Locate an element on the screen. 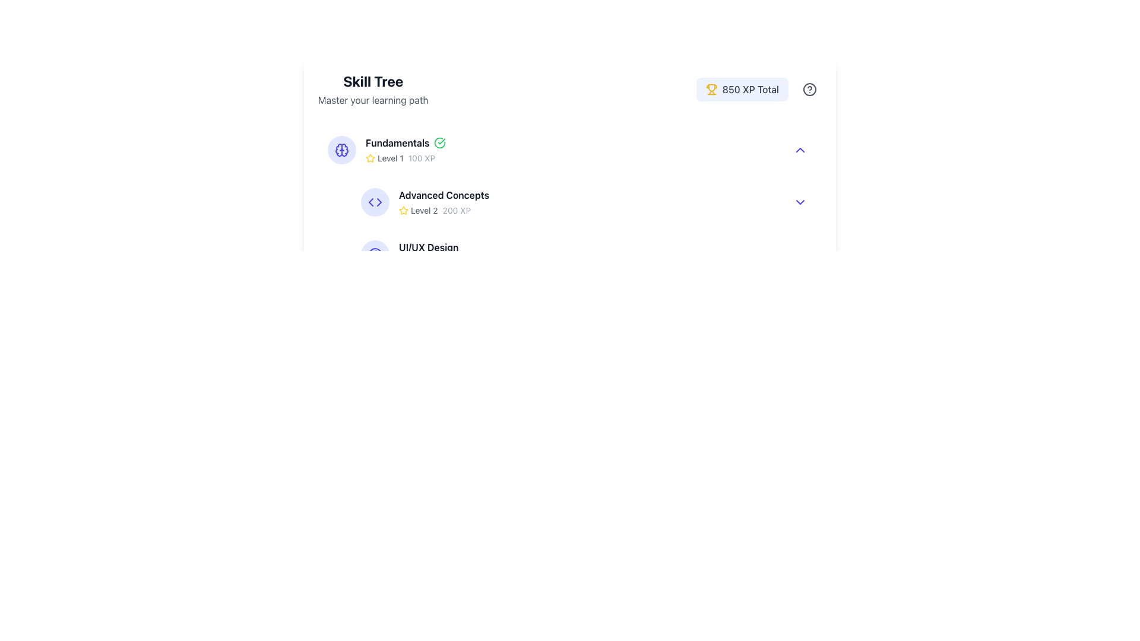 The height and width of the screenshot is (641, 1140). the second individual module in the list that displays information about the Advanced Concepts module, including its level, associated XP, and title is located at coordinates (570, 201).